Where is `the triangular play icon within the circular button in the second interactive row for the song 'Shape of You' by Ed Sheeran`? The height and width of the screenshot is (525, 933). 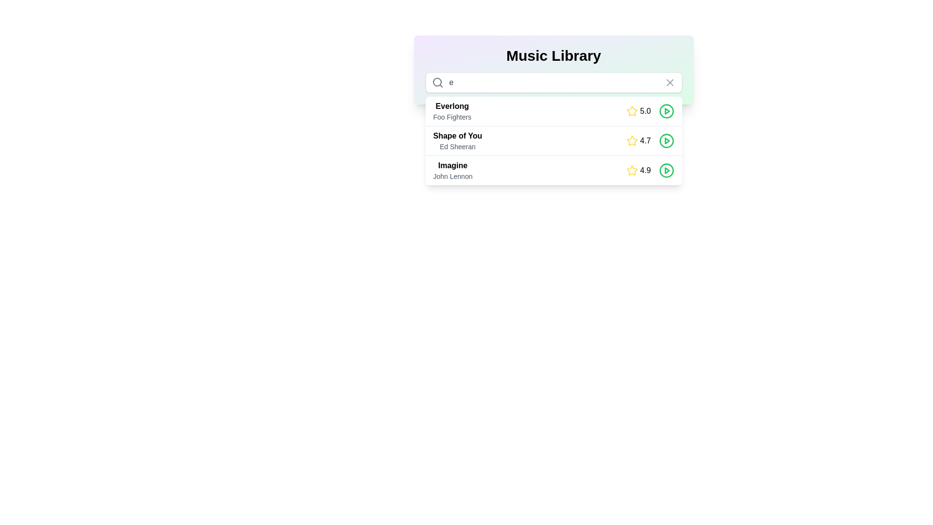 the triangular play icon within the circular button in the second interactive row for the song 'Shape of You' by Ed Sheeran is located at coordinates (666, 140).